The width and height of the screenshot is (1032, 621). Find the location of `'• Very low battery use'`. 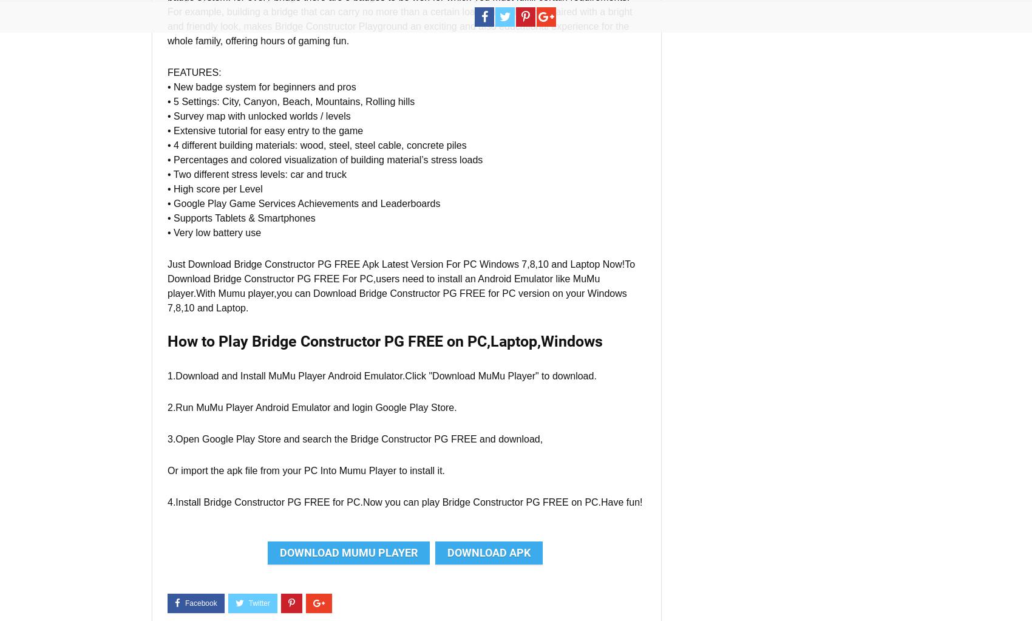

'• Very low battery use' is located at coordinates (213, 232).